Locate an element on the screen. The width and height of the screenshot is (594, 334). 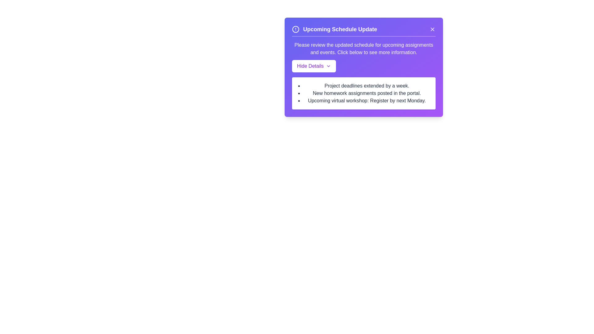
the 'Hide Details' button to toggle the visibility of additional information is located at coordinates (314, 66).